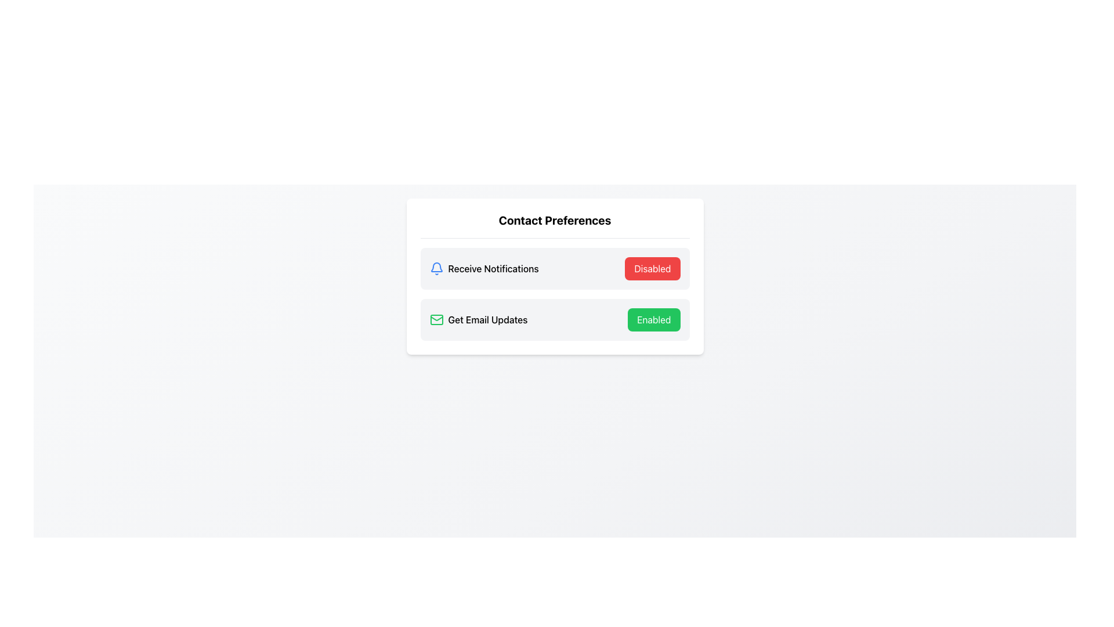 The width and height of the screenshot is (1114, 627). I want to click on the label indicating email update preferences, which is located in the second row of the 'Contact Preferences' panel, to the left of the 'Enabled' button, so click(479, 320).